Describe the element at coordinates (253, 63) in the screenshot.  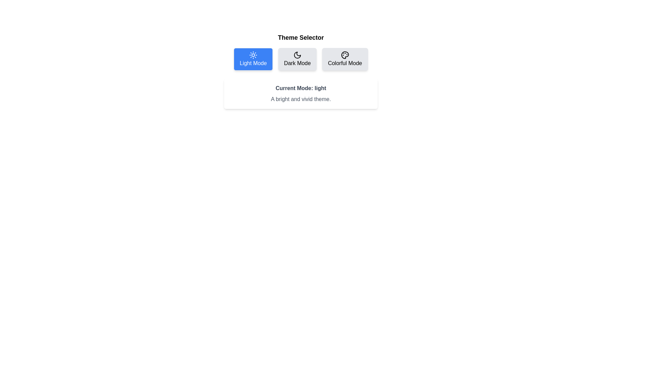
I see `the 'Light Mode' button, which is styled with white font on a blue rectangular background and is the first option in the 'Theme Selector' toggle group` at that location.